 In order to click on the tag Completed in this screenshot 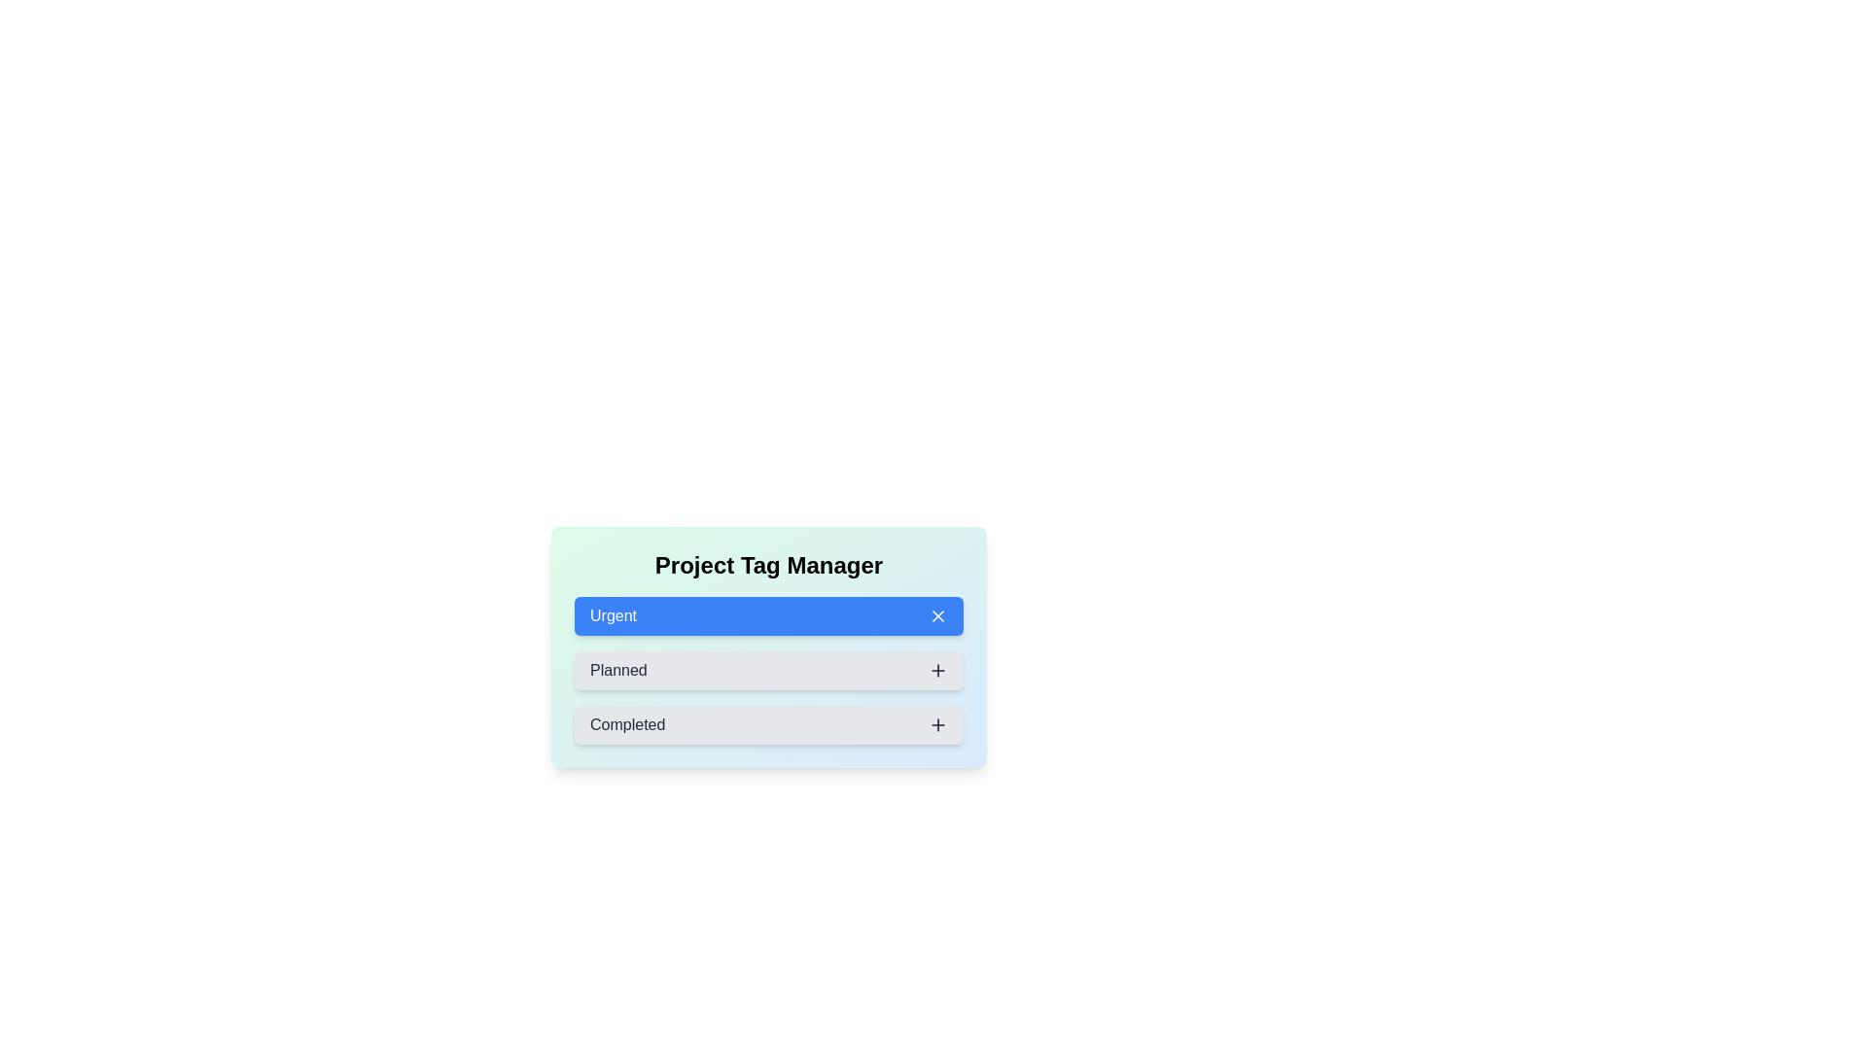, I will do `click(768, 724)`.